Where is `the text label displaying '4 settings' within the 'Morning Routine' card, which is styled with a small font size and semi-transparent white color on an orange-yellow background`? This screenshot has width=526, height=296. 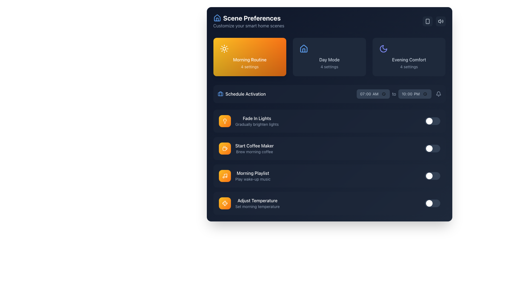
the text label displaying '4 settings' within the 'Morning Routine' card, which is styled with a small font size and semi-transparent white color on an orange-yellow background is located at coordinates (249, 66).